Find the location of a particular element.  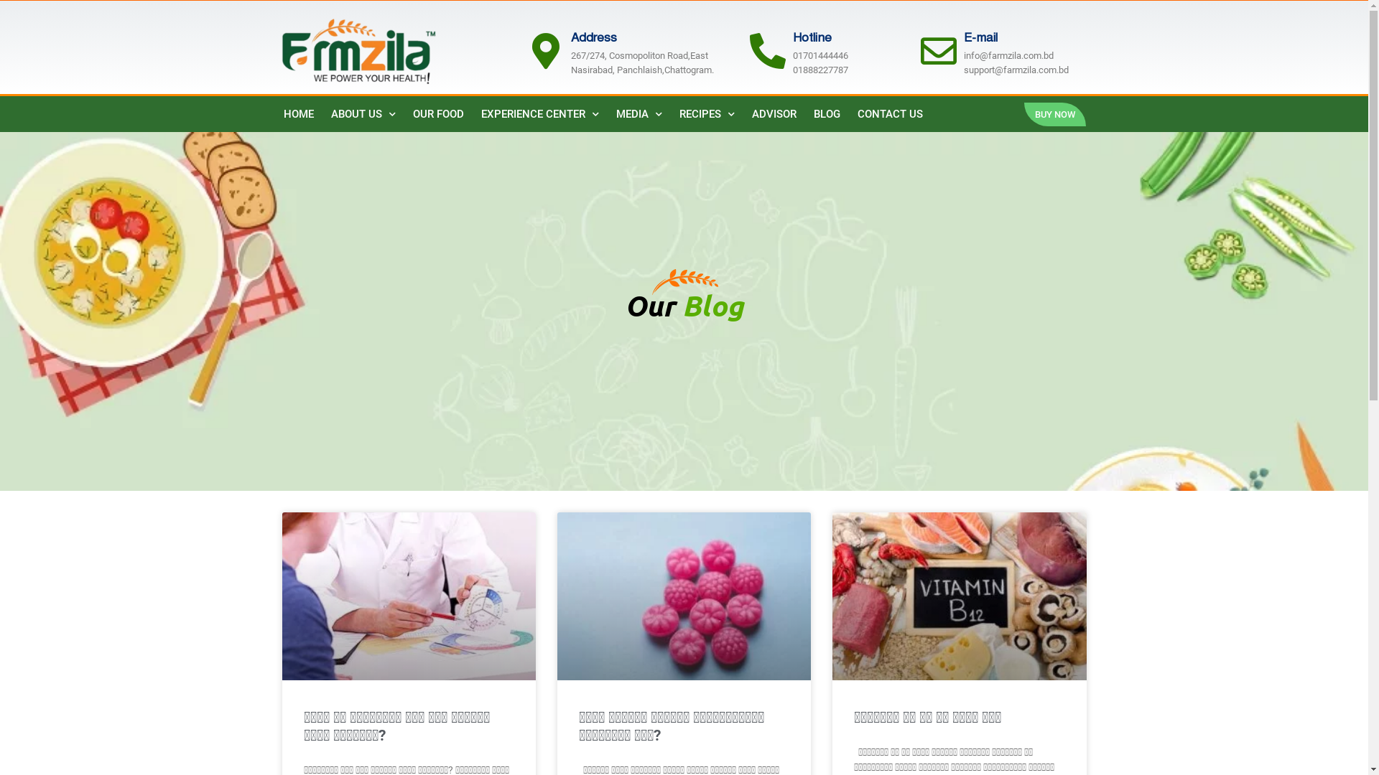

'HOME' is located at coordinates (297, 113).